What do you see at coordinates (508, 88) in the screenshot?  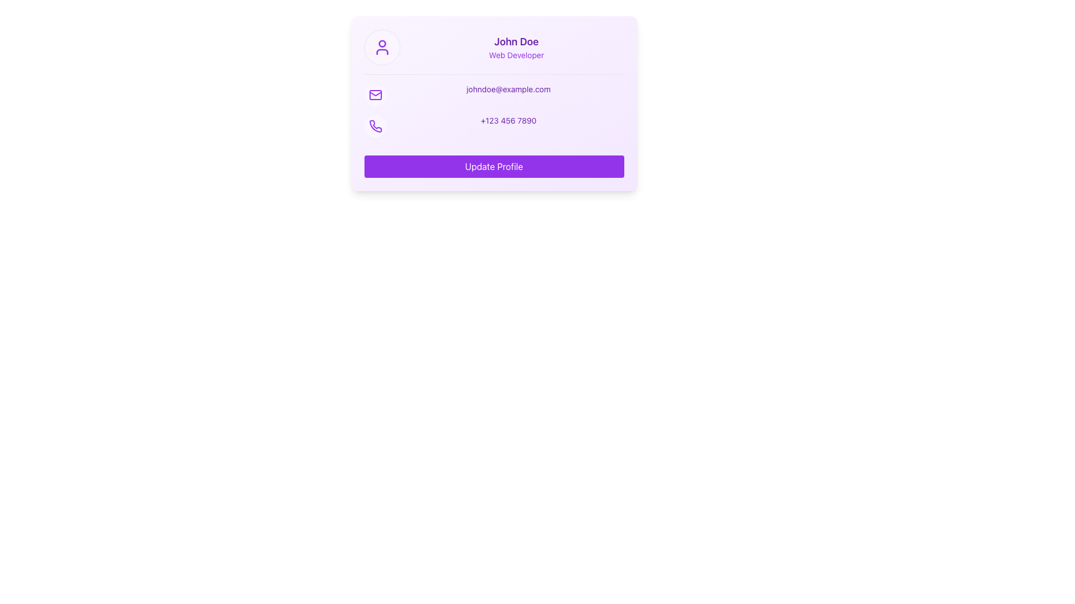 I see `the email address text label displaying 'johndoe@example.com', which is styled in a bold purple font and located in the middle of the card component` at bounding box center [508, 88].